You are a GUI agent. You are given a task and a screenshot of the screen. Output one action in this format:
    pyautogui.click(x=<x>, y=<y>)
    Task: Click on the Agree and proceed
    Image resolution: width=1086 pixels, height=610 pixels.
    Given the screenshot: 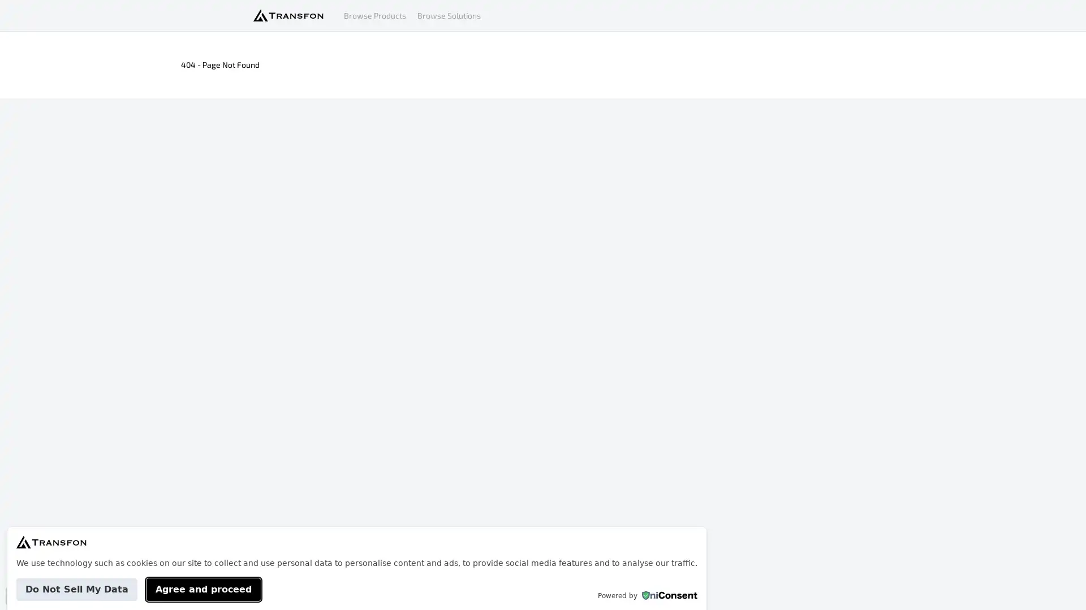 What is the action you would take?
    pyautogui.click(x=204, y=589)
    